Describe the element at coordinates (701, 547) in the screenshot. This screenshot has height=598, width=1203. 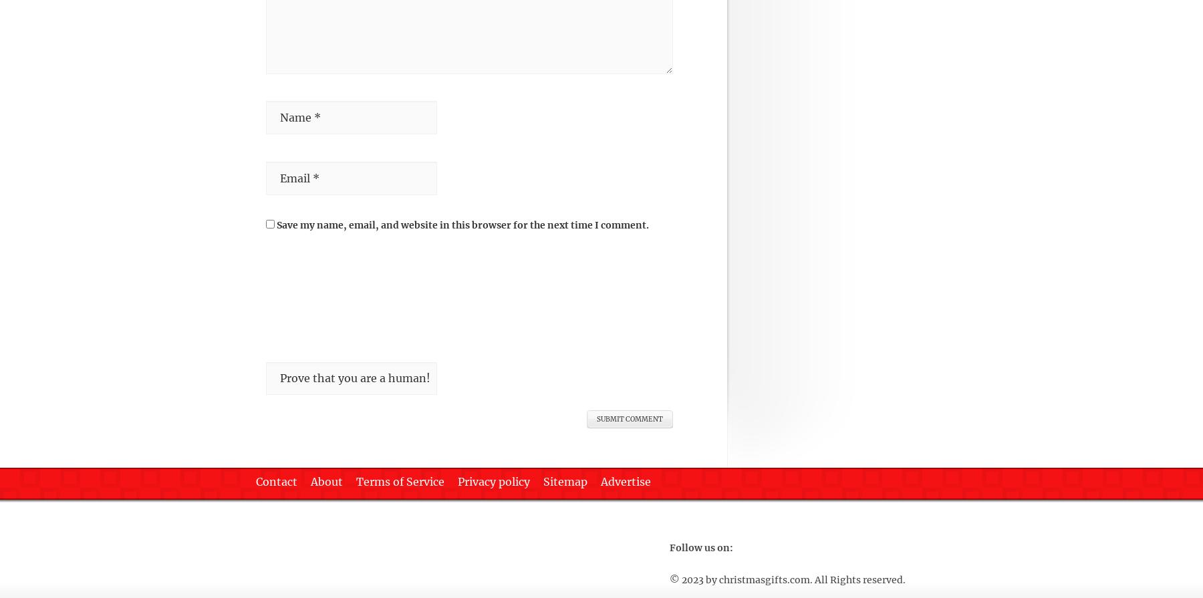
I see `'Follow us on:'` at that location.